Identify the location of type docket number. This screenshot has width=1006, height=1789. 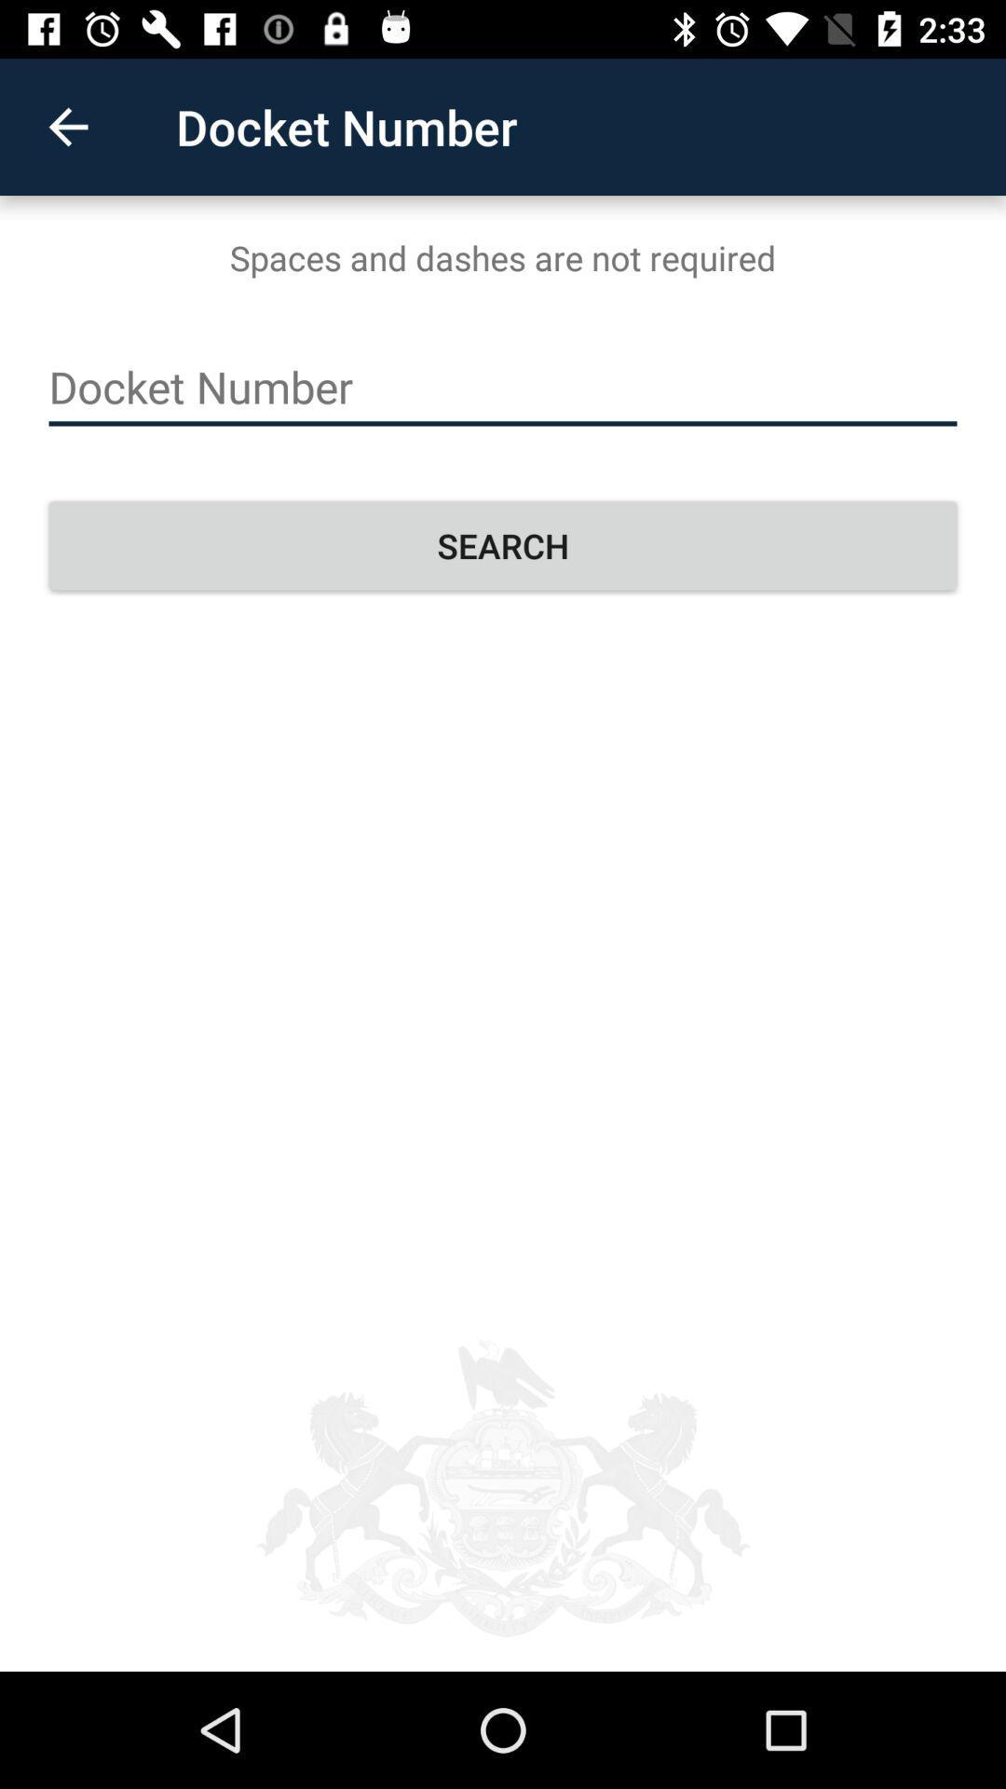
(503, 387).